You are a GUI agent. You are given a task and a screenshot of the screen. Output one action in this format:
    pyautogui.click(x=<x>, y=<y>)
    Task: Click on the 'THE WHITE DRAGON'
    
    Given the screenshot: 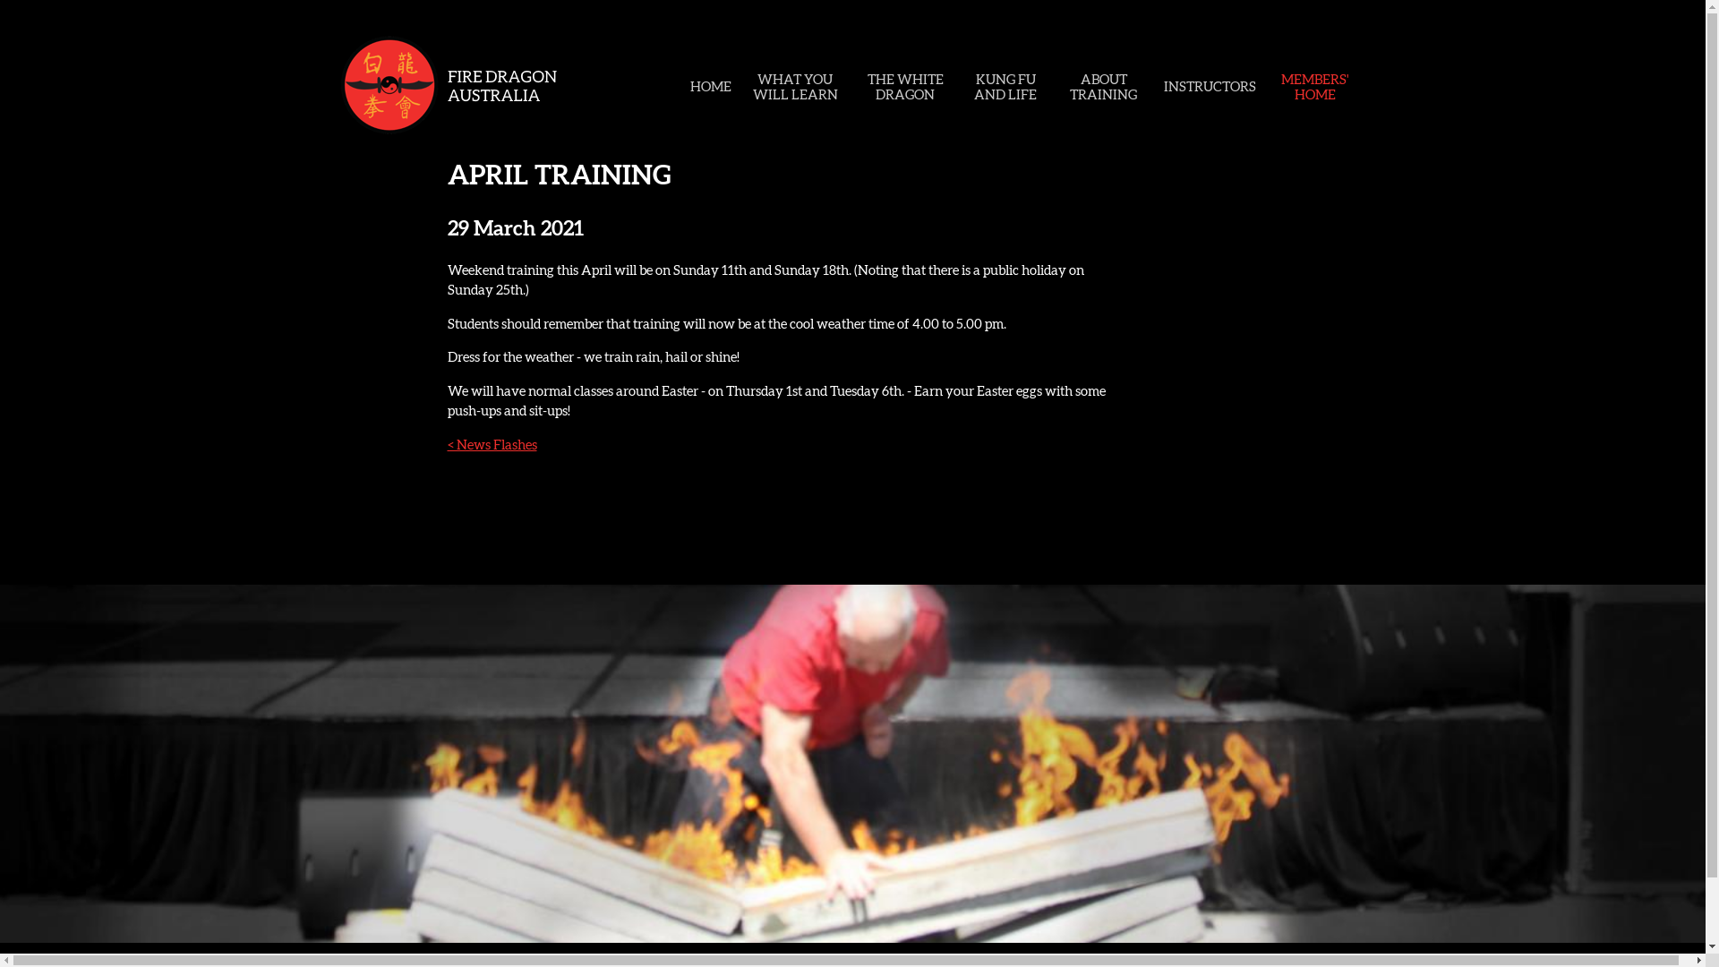 What is the action you would take?
    pyautogui.click(x=905, y=86)
    